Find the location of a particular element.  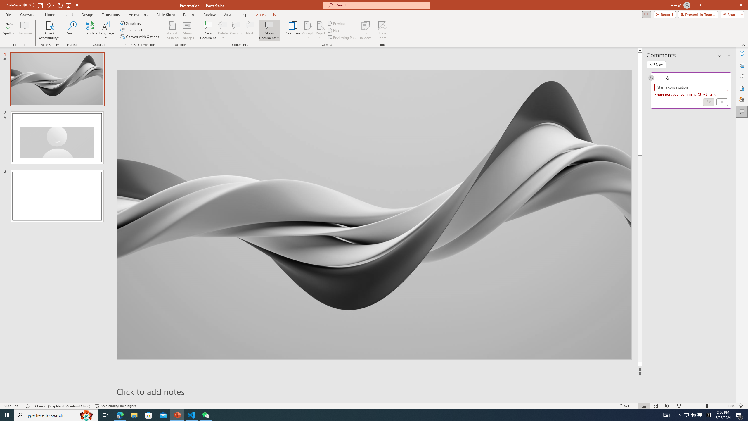

'Simplified' is located at coordinates (131, 23).